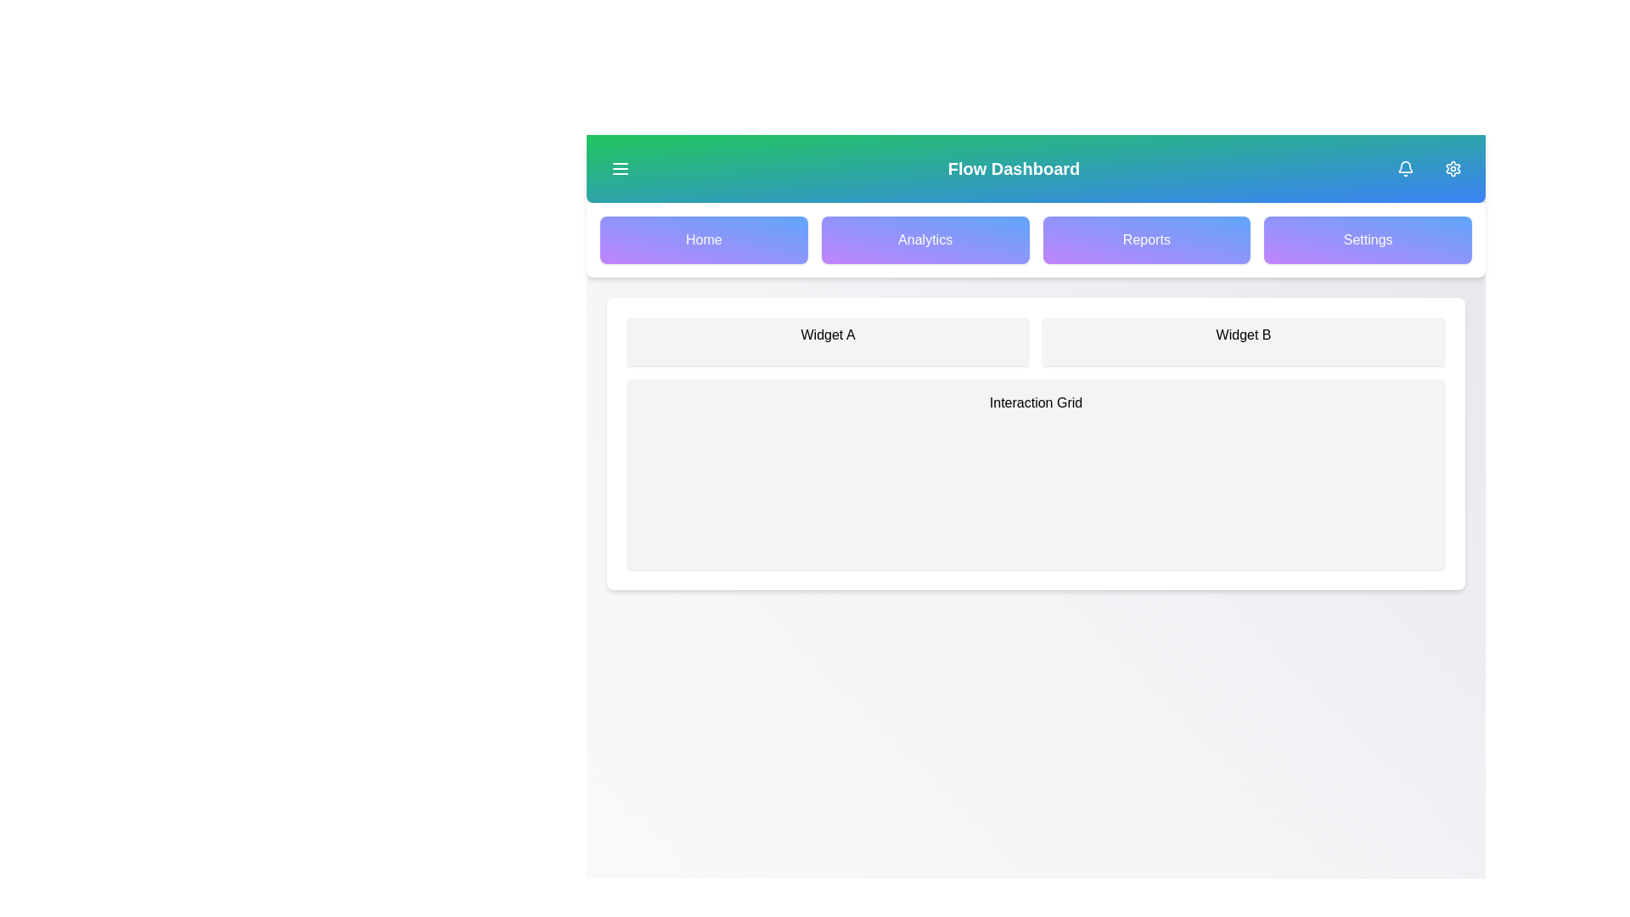 The width and height of the screenshot is (1630, 917). What do you see at coordinates (1406, 169) in the screenshot?
I see `the notification button in the header` at bounding box center [1406, 169].